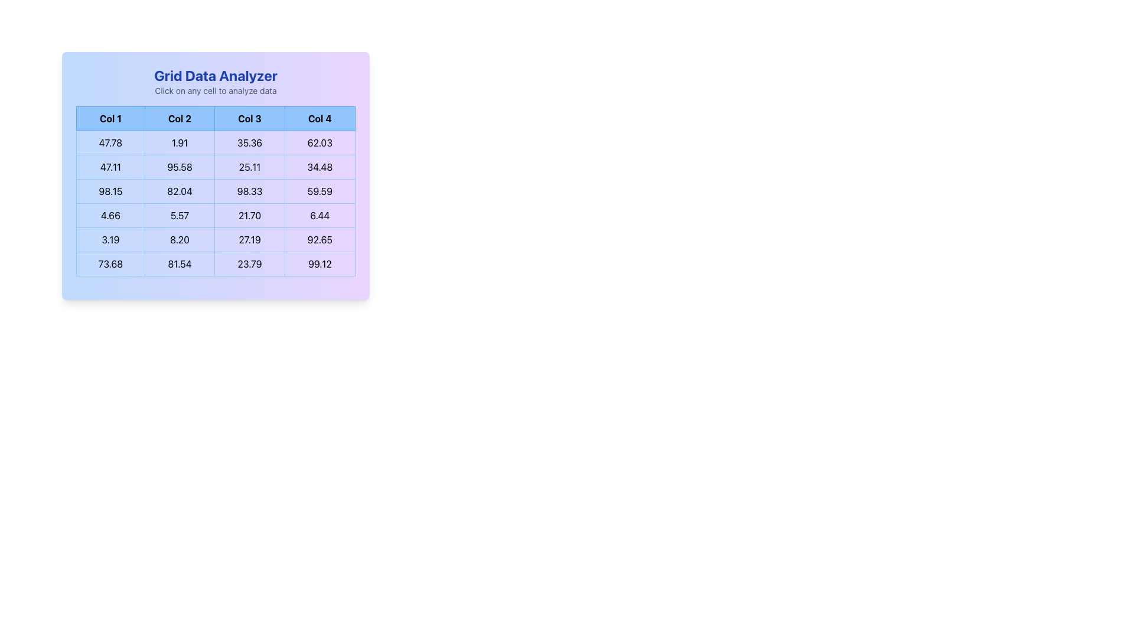  What do you see at coordinates (249, 167) in the screenshot?
I see `the table cell in the second row and third column that contains the text '25.11', styled with a light blue background and bordered in blue` at bounding box center [249, 167].